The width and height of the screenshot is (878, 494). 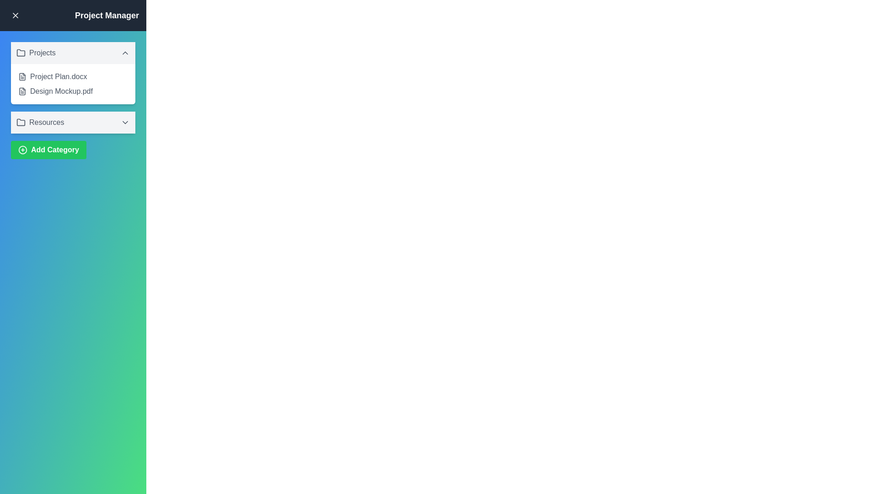 I want to click on the circular icon with a green border and a plus symbol, located to the left of the 'Add Category' text, so click(x=22, y=149).